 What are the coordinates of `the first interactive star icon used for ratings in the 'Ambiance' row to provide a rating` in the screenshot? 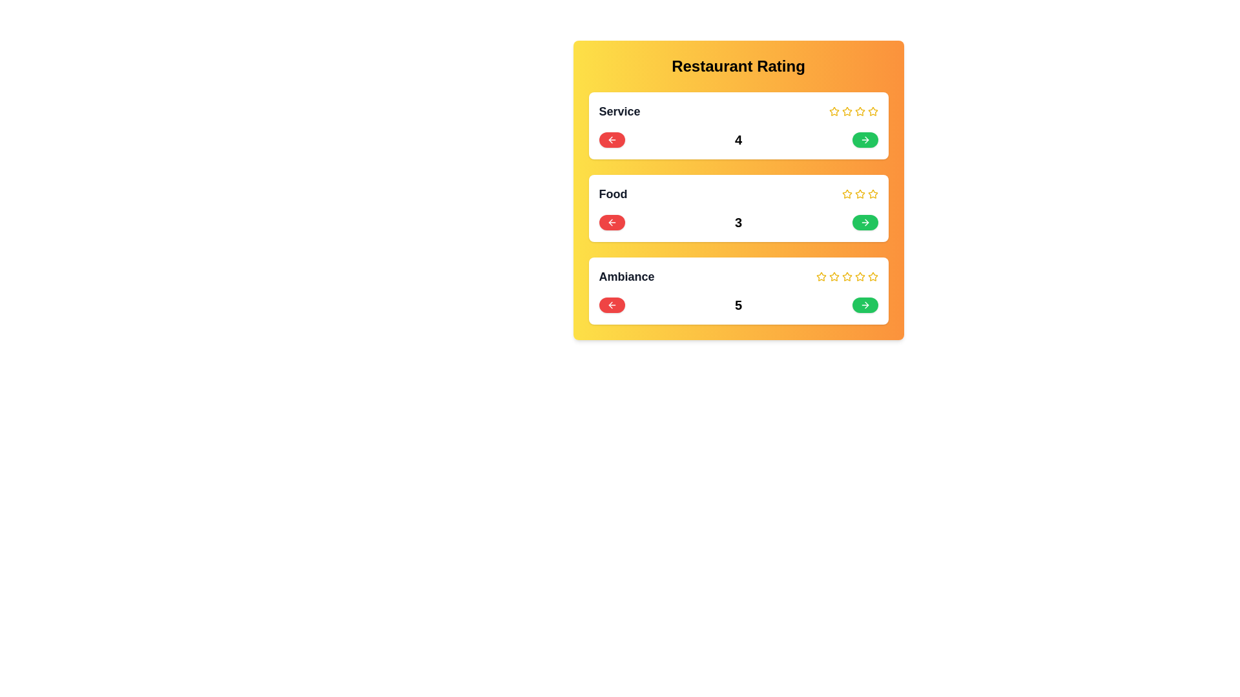 It's located at (820, 276).